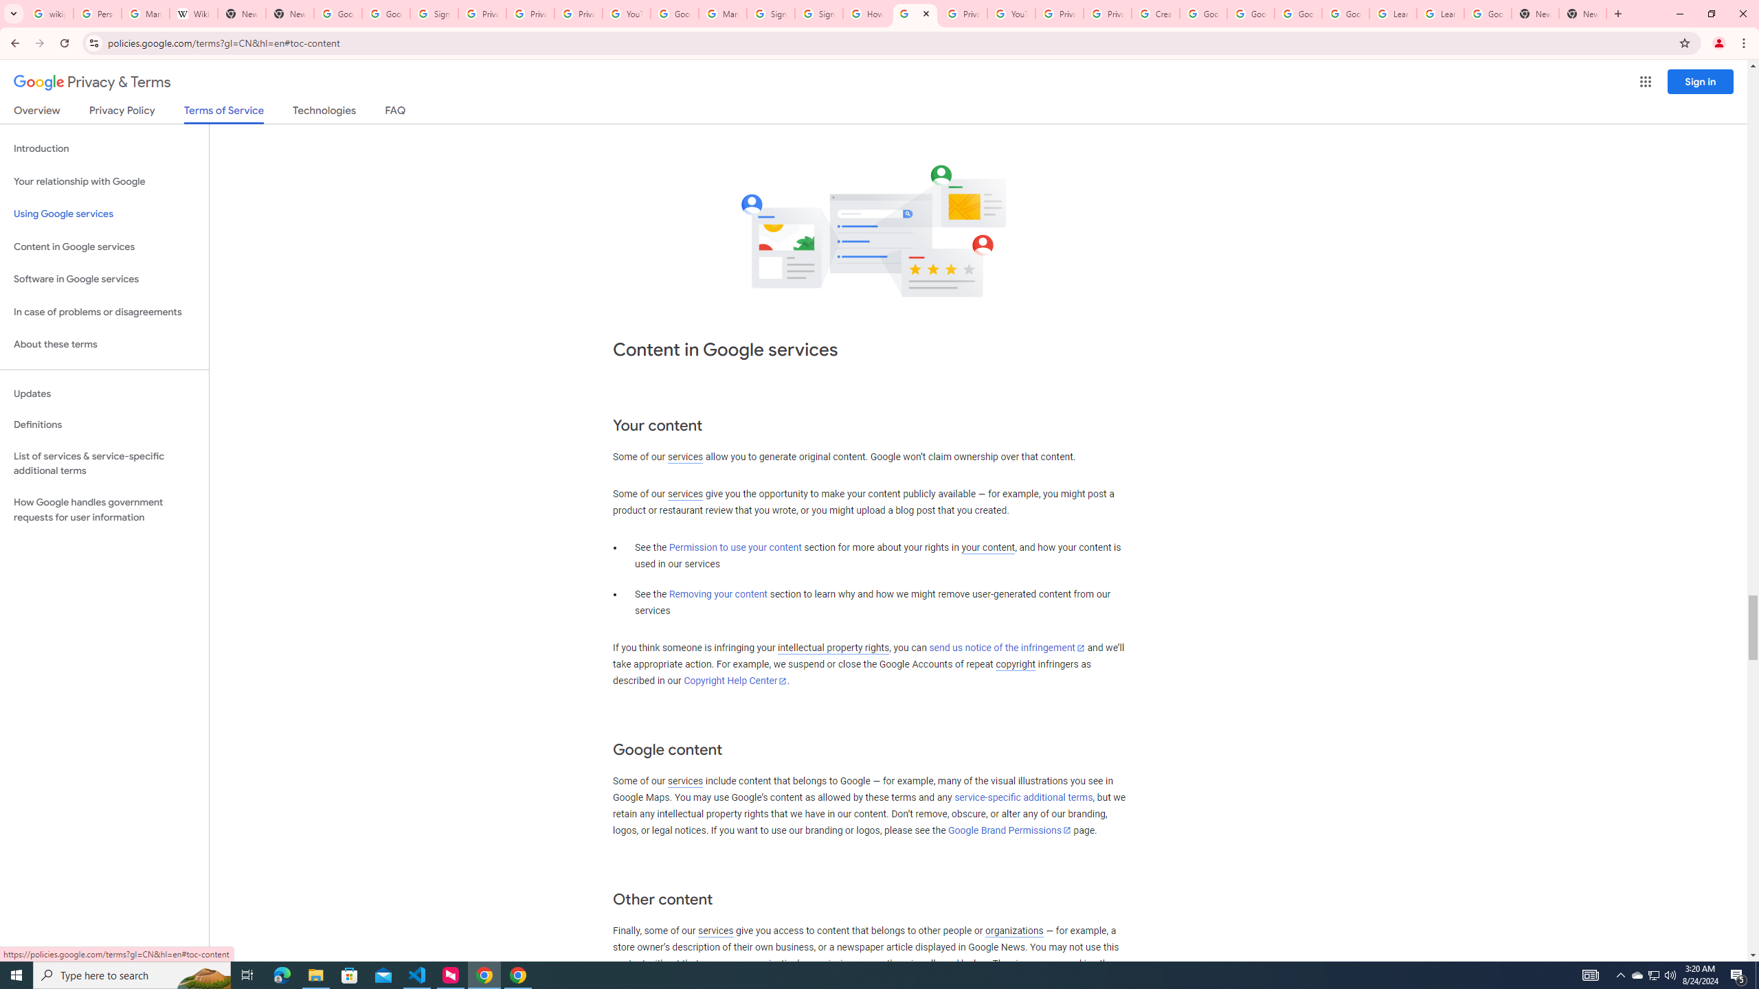 The height and width of the screenshot is (989, 1759). What do you see at coordinates (104, 278) in the screenshot?
I see `'Software in Google services'` at bounding box center [104, 278].